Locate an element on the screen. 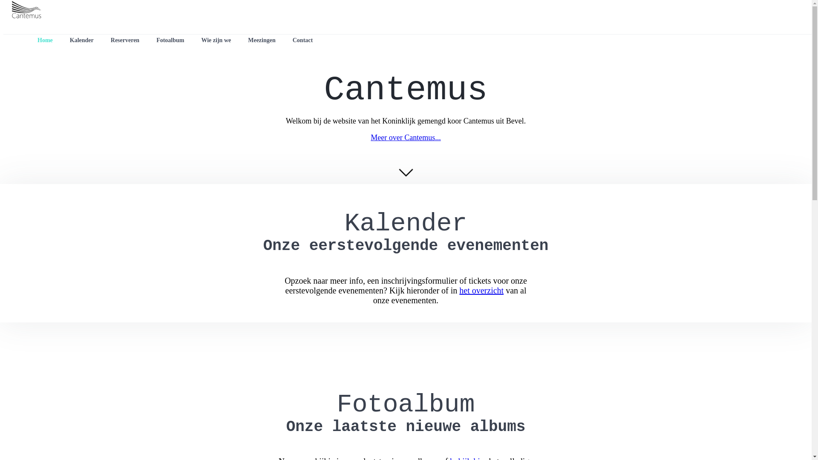  'Reserveren' is located at coordinates (124, 40).